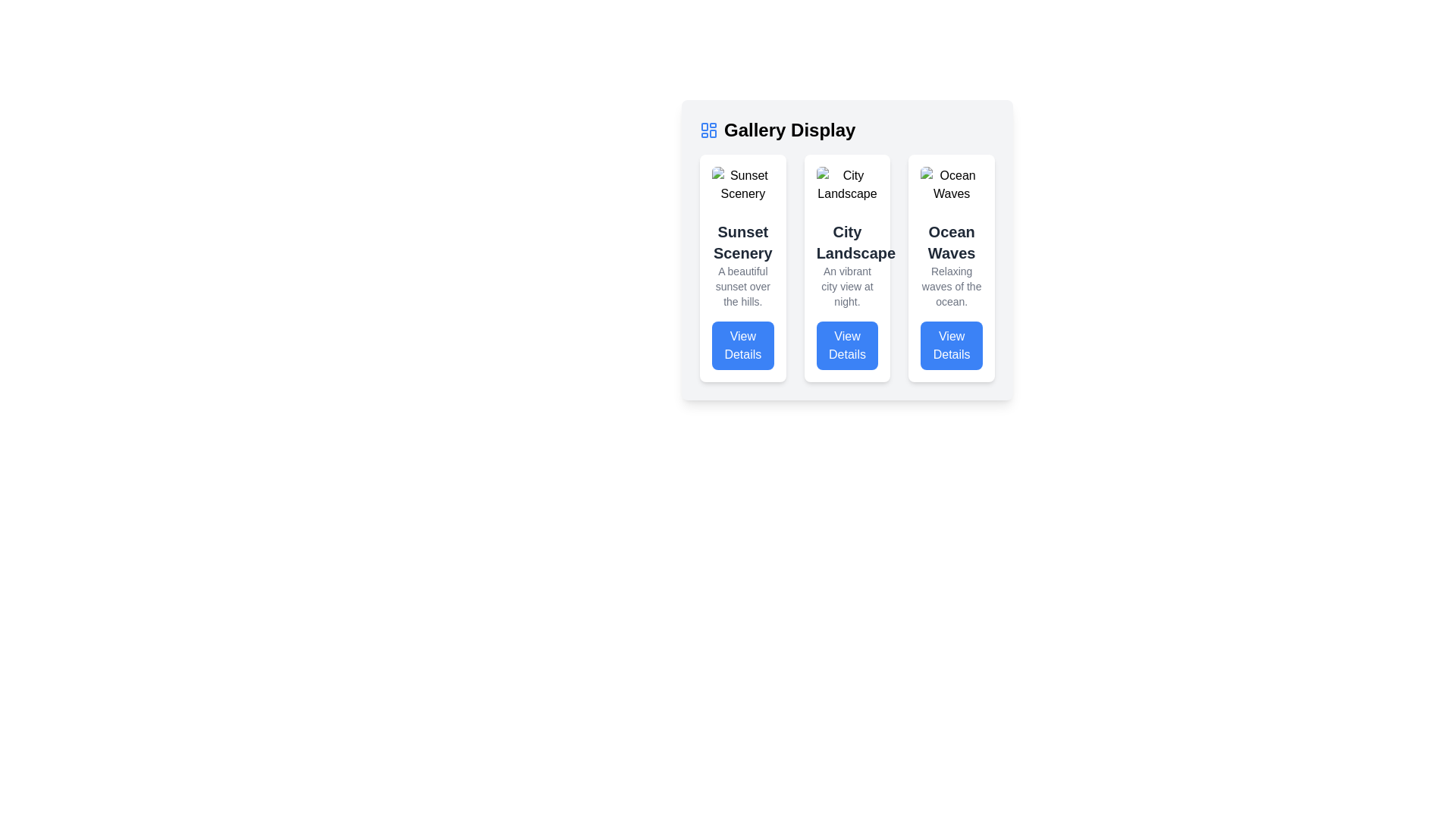 The image size is (1456, 819). Describe the element at coordinates (951, 242) in the screenshot. I see `the heading text 'Ocean Waves' displayed in a large, bold font at the top-middle of the card interface` at that location.